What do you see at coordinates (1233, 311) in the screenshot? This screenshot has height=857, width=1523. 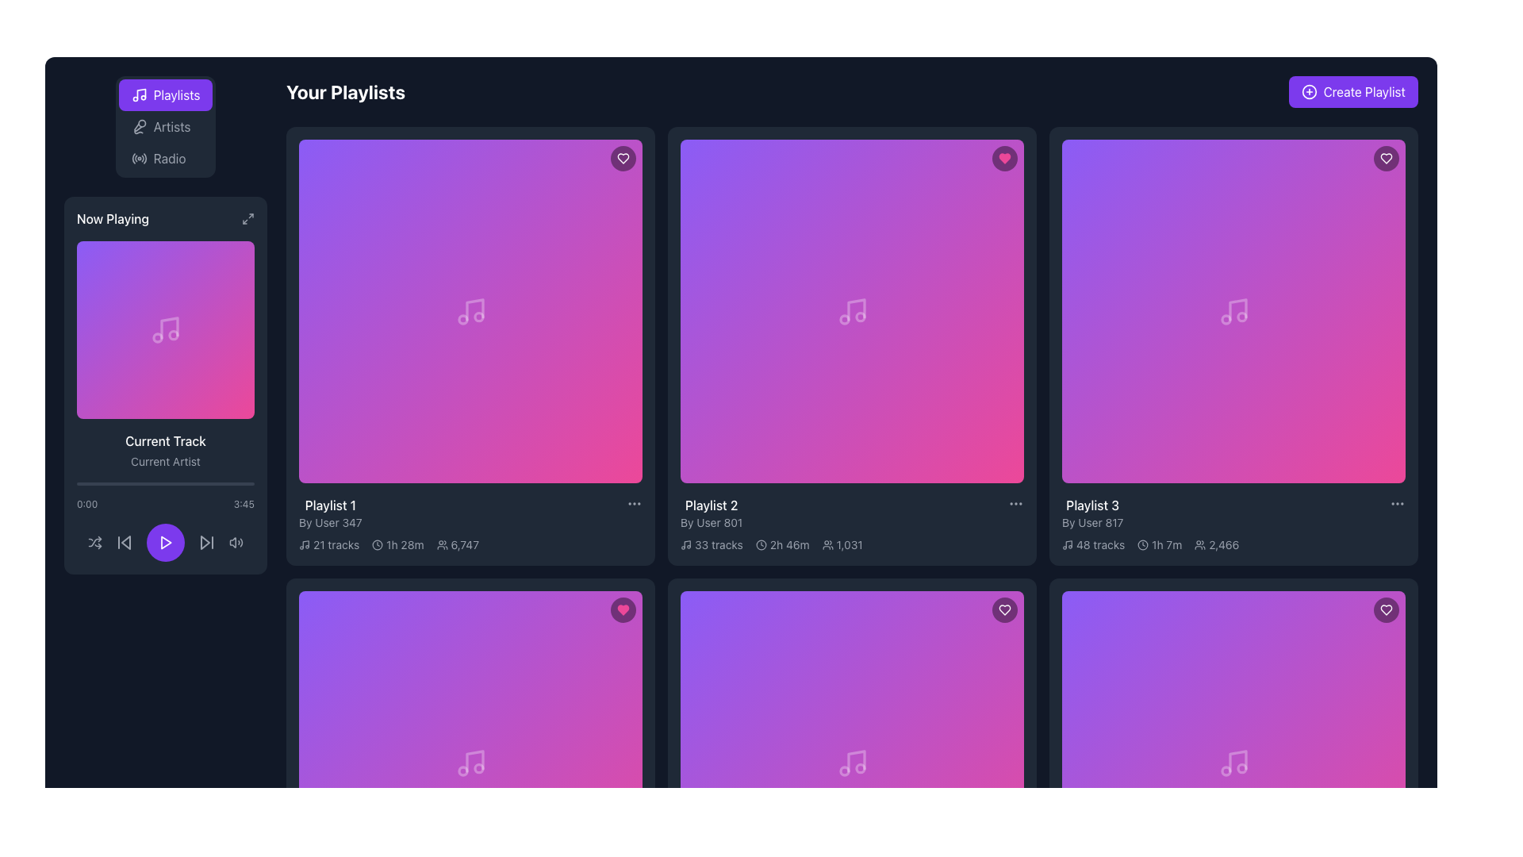 I see `the music note icon, which is centrally located within the 'Playlist 3' card in the 'Your Playlists' section, featuring a white design on a gradient background` at bounding box center [1233, 311].